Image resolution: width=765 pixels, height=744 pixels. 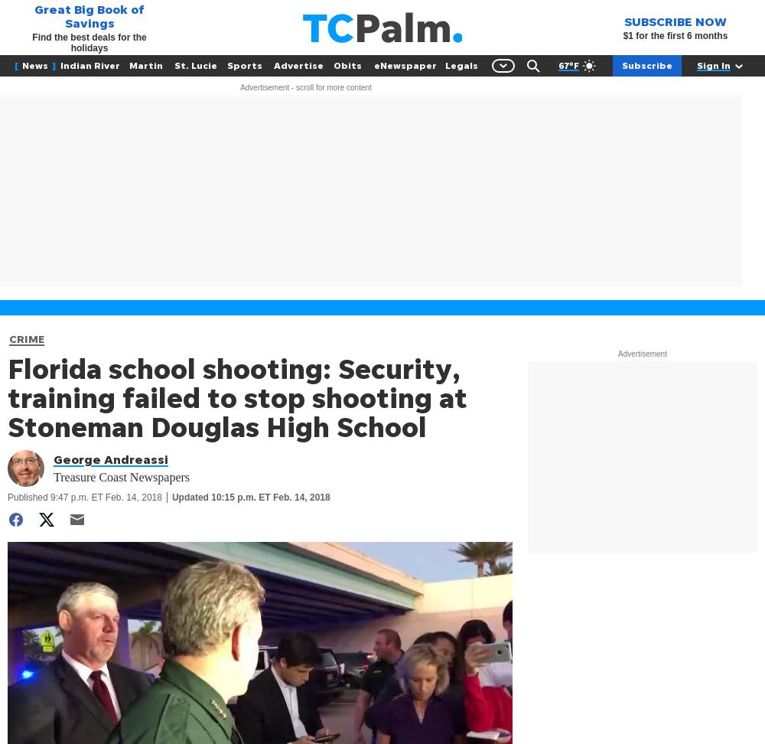 I want to click on 'Advertise', so click(x=298, y=64).